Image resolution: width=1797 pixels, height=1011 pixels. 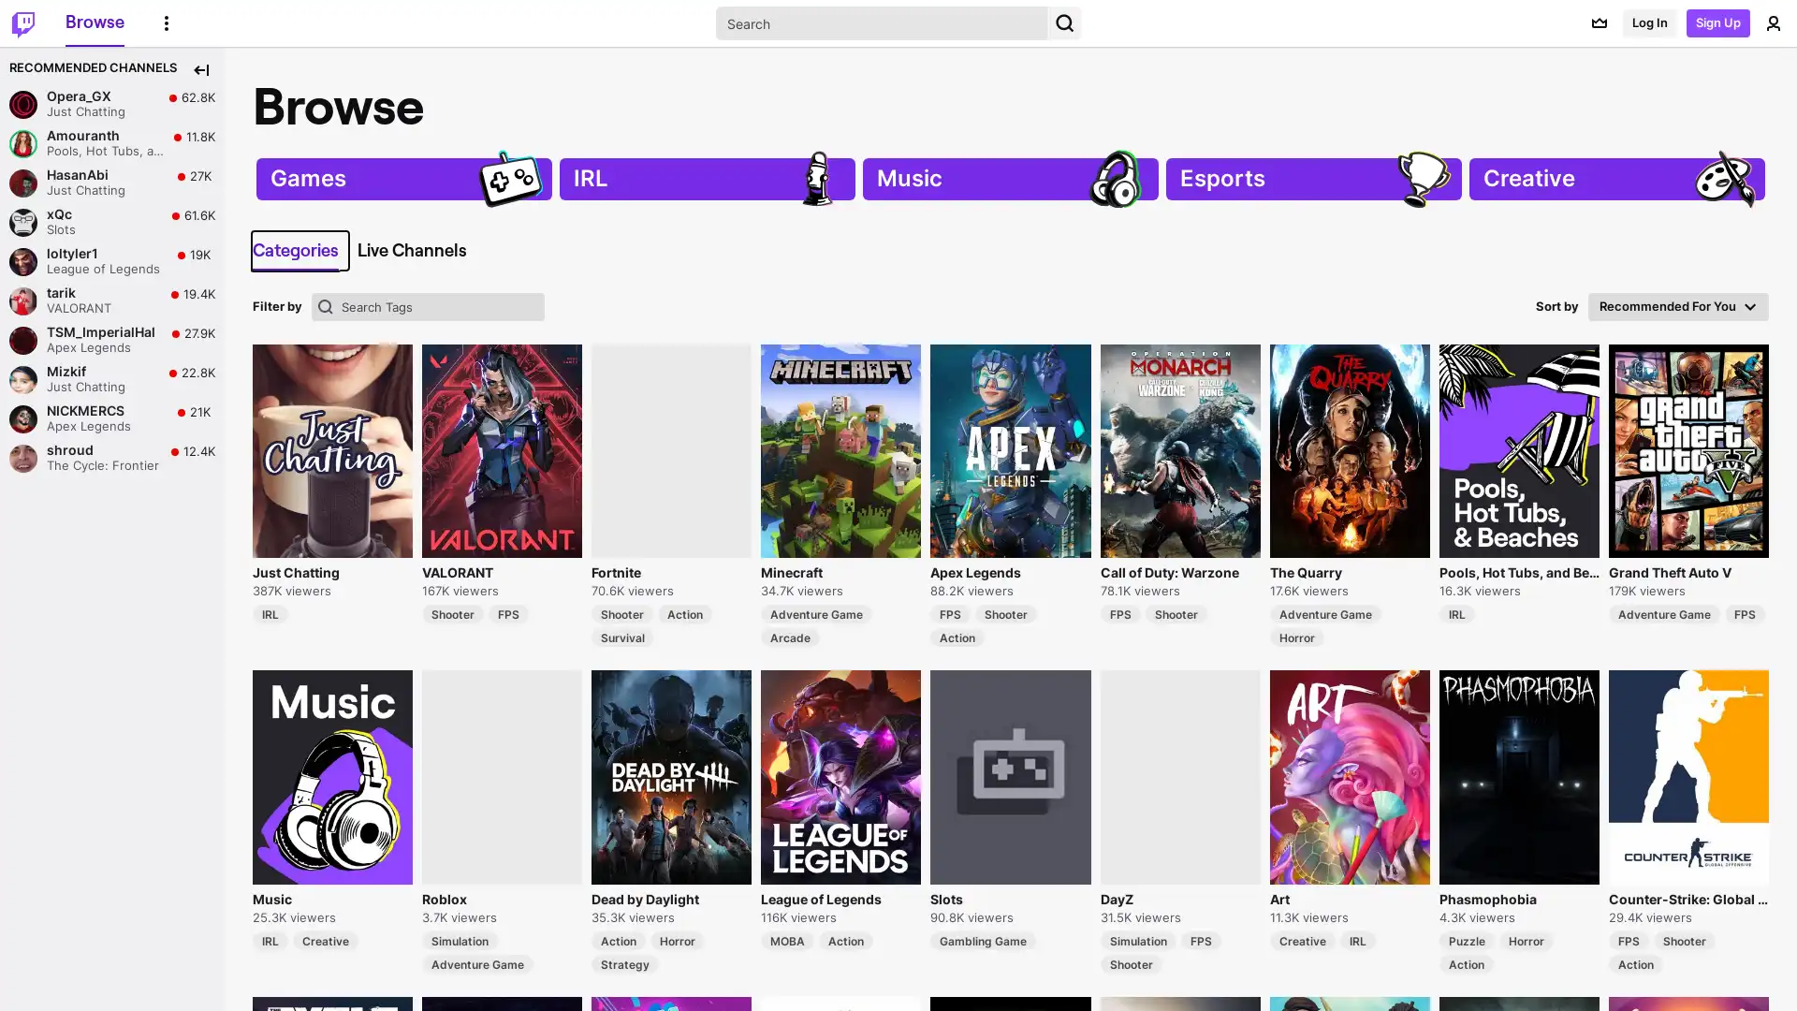 What do you see at coordinates (326, 941) in the screenshot?
I see `Creative` at bounding box center [326, 941].